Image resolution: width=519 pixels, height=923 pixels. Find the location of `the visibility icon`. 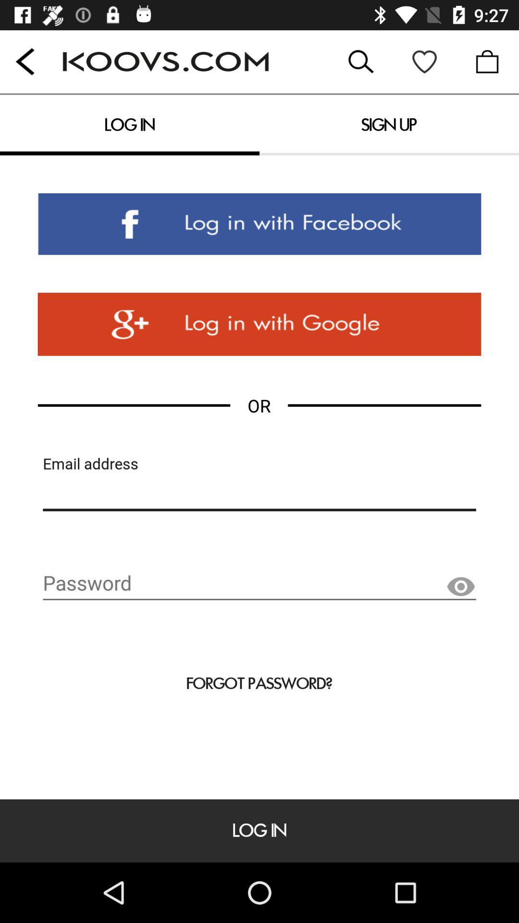

the visibility icon is located at coordinates (460, 586).